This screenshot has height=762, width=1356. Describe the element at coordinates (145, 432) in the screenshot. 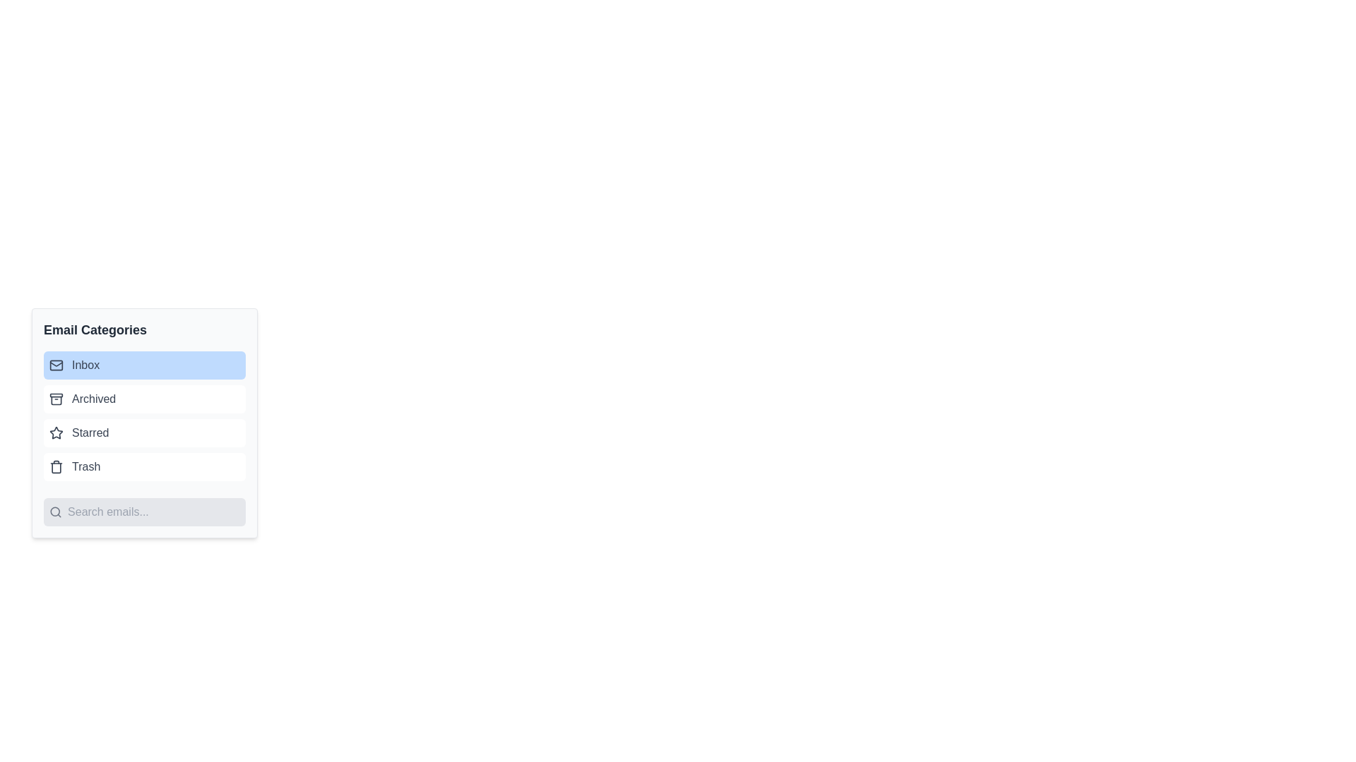

I see `the button corresponding to the category Starred` at that location.